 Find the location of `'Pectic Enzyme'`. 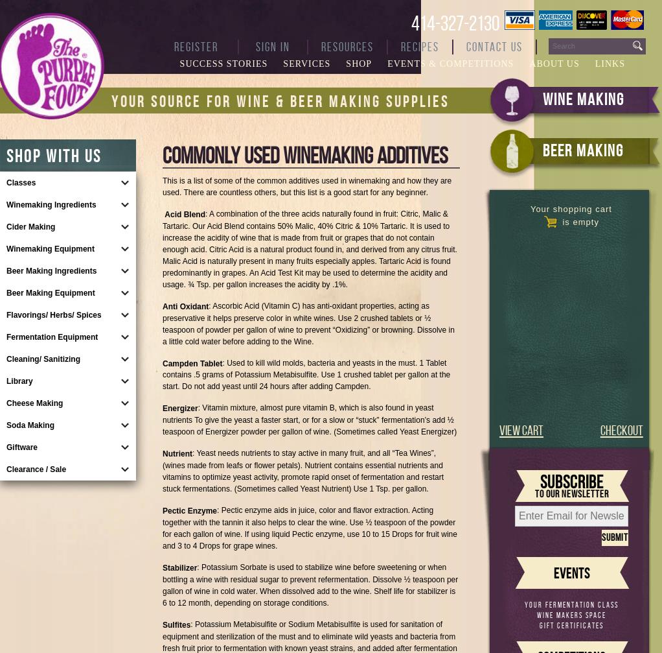

'Pectic Enzyme' is located at coordinates (189, 509).